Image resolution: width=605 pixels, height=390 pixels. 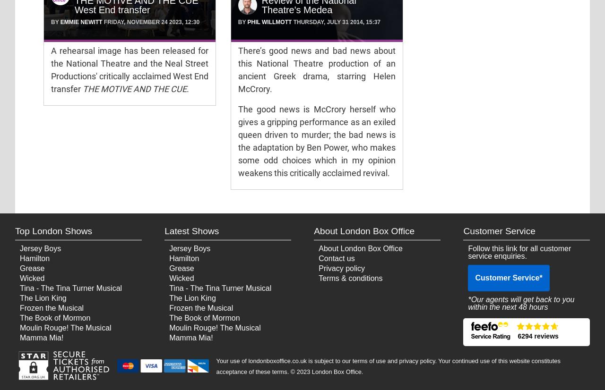 I want to click on 'THE MOTIVE AND THE CUE', so click(x=134, y=89).